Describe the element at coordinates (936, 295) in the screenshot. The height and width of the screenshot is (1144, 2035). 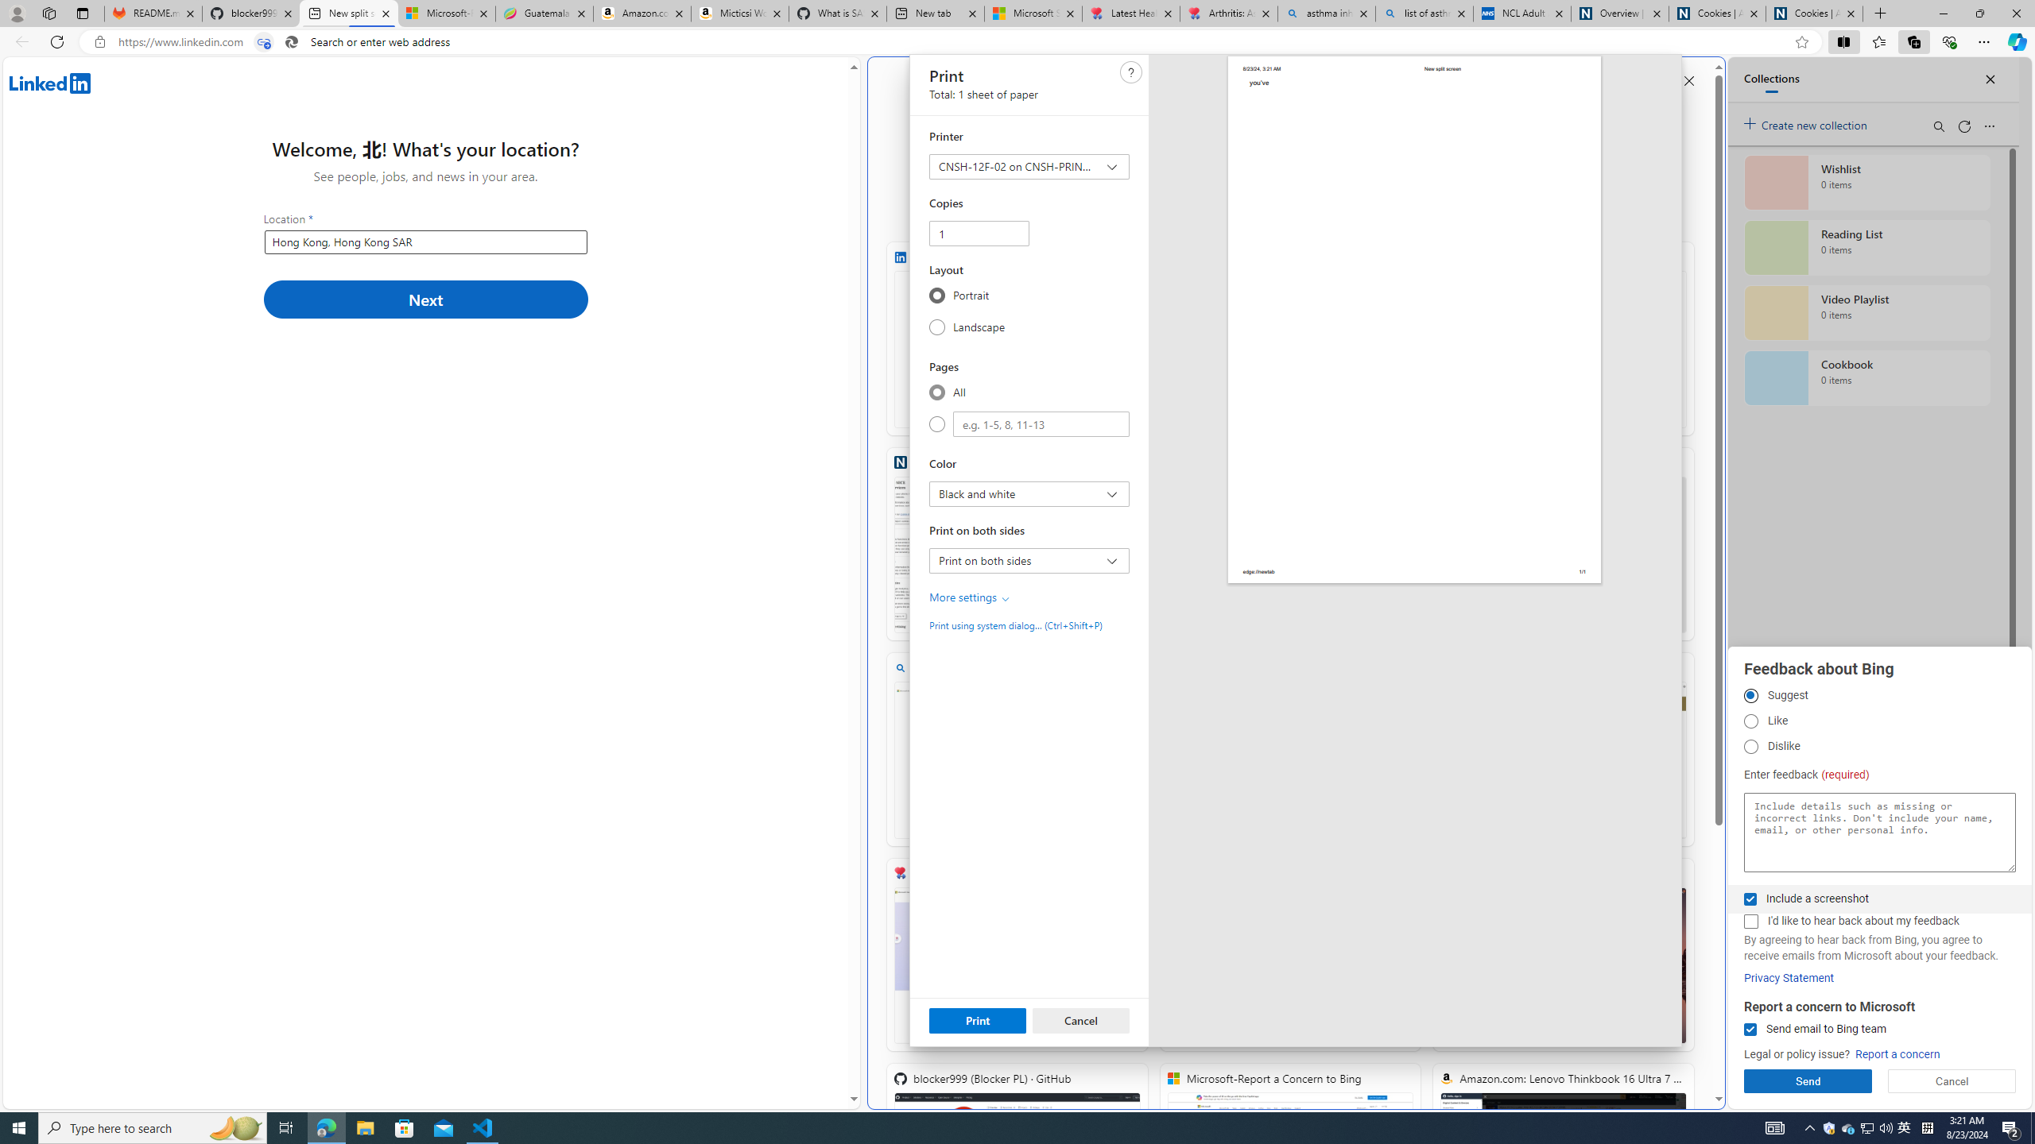
I see `'Portrait'` at that location.